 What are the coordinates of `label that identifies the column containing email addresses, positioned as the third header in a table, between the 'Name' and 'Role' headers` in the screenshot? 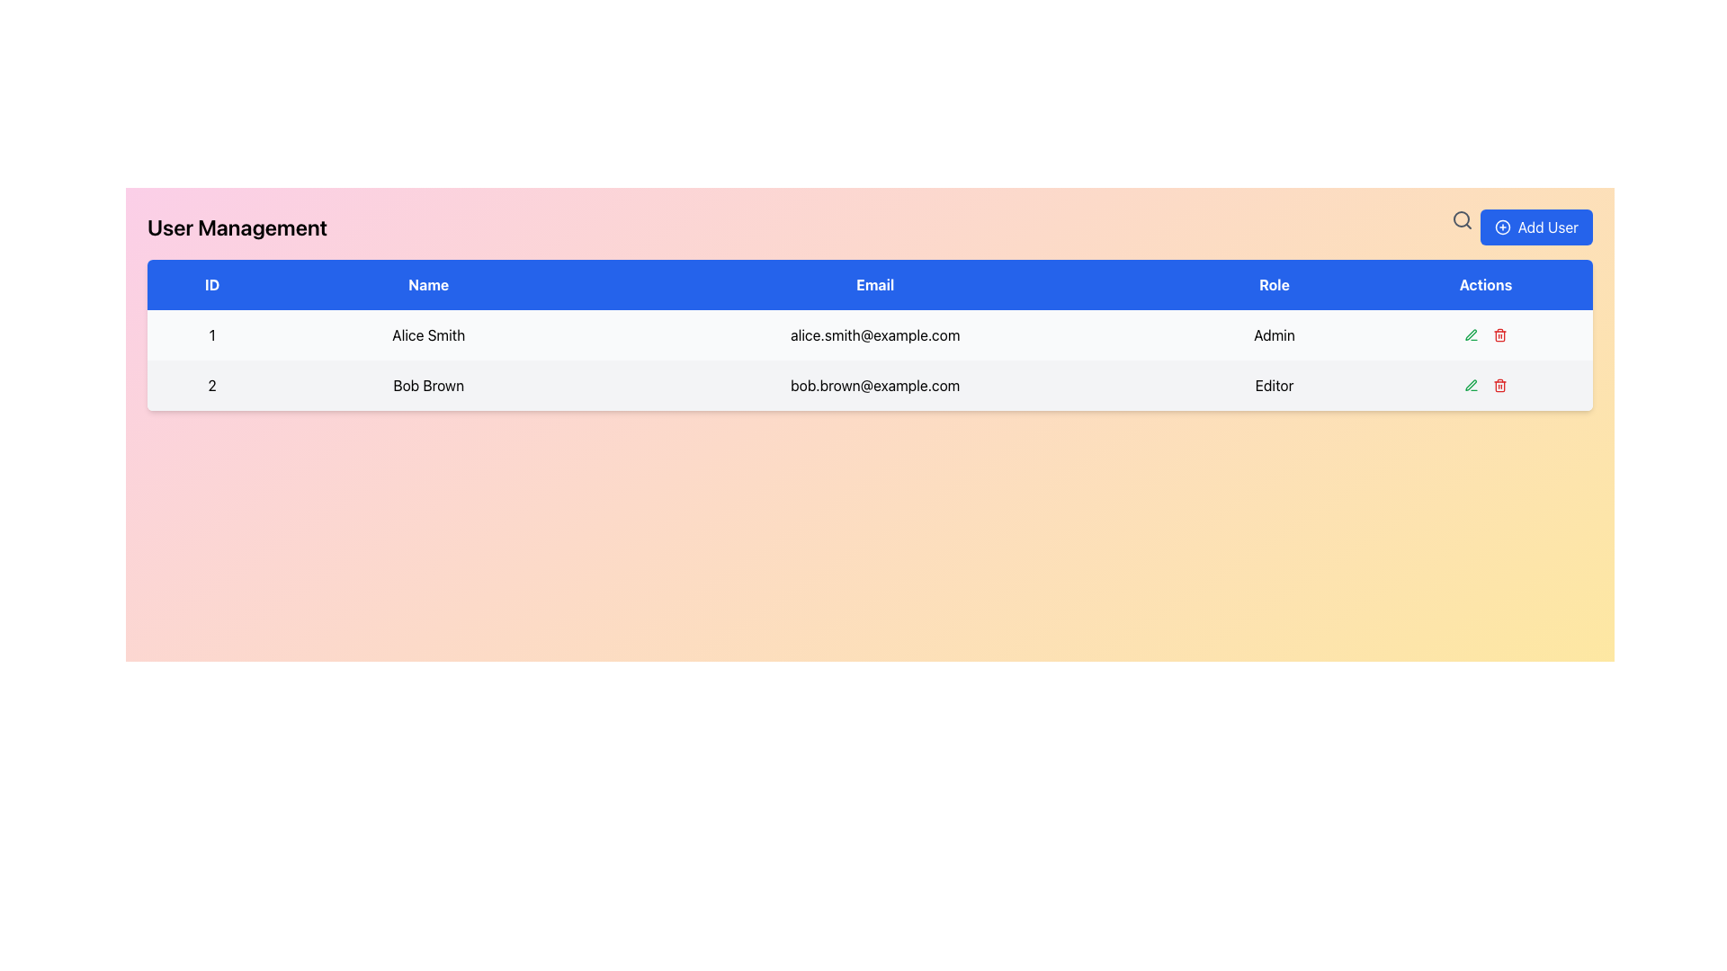 It's located at (875, 283).